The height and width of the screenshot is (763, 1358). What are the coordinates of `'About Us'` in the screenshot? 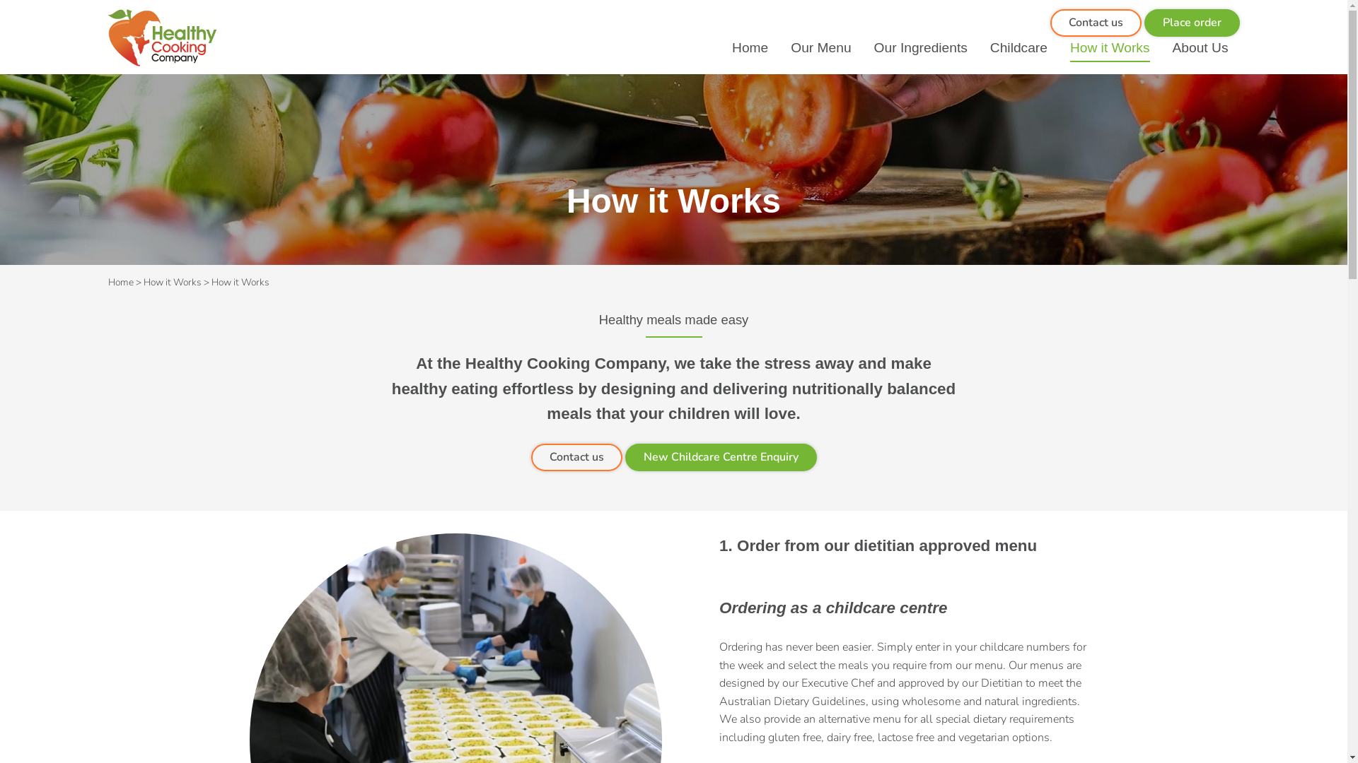 It's located at (1200, 47).